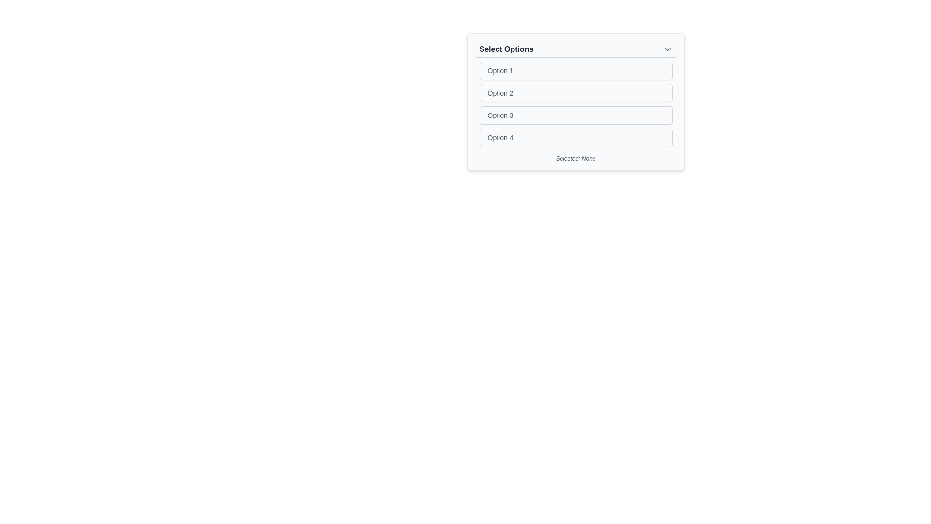  What do you see at coordinates (667, 49) in the screenshot?
I see `the downward-pointing chevron icon located at the far-right end of the 'Select Options' row` at bounding box center [667, 49].